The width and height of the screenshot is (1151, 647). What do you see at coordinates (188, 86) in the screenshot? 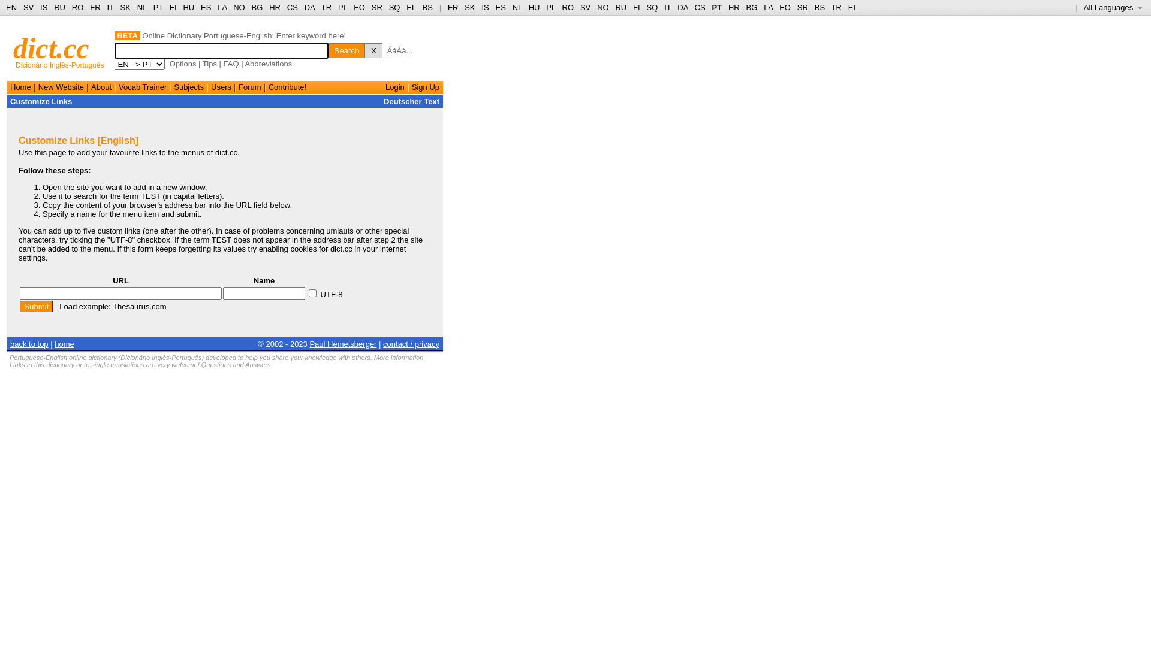
I see `'Subjects'` at bounding box center [188, 86].